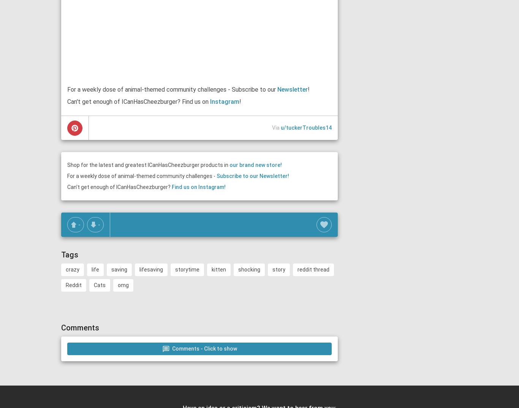 The height and width of the screenshot is (408, 519). Describe the element at coordinates (151, 270) in the screenshot. I see `'lifesaving'` at that location.